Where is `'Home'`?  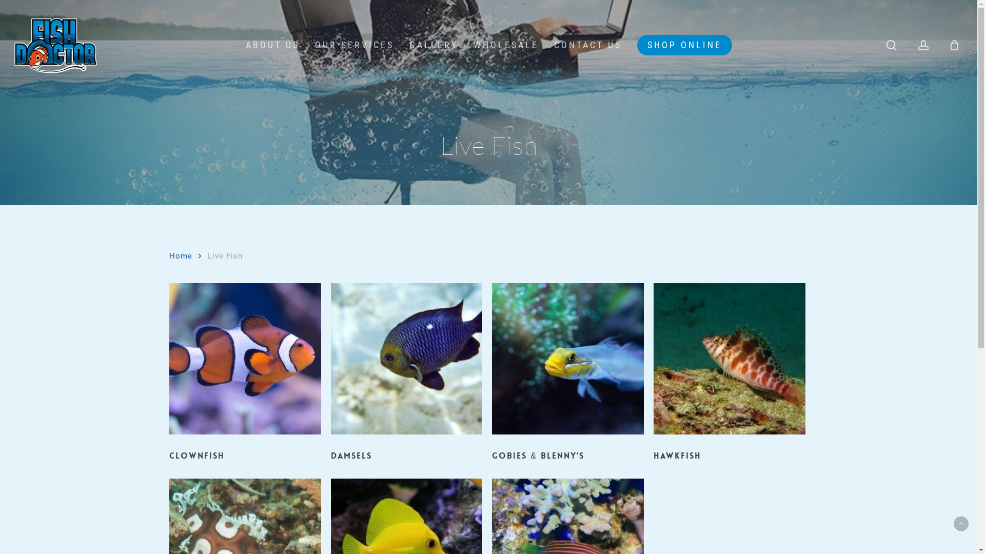 'Home' is located at coordinates (181, 255).